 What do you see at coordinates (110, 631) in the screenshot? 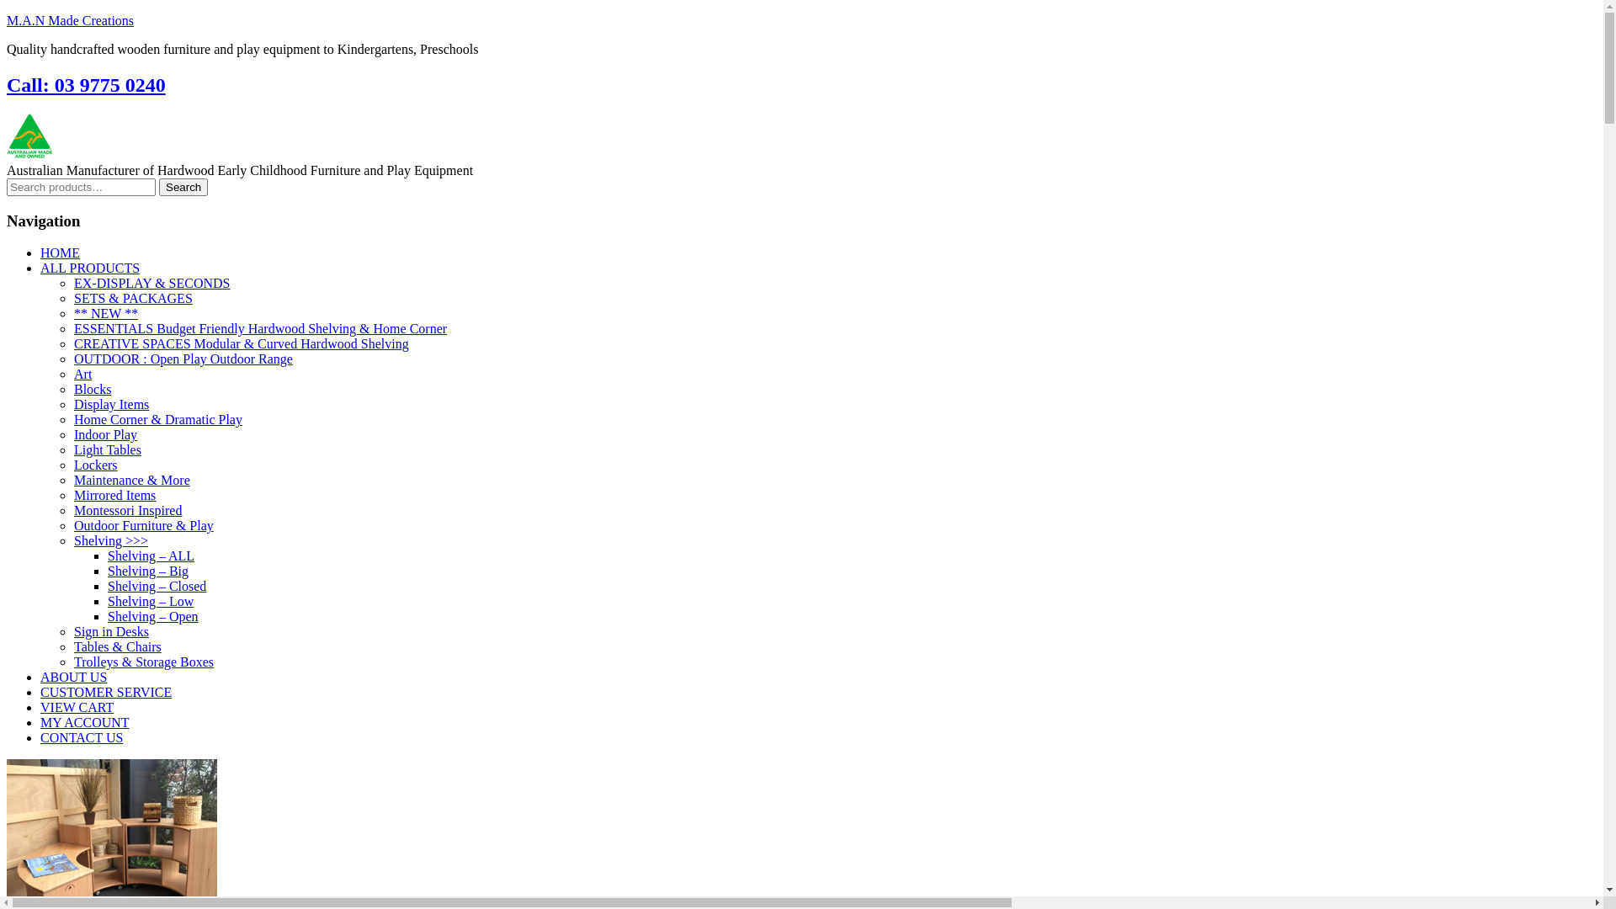
I see `'Sign in Desks'` at bounding box center [110, 631].